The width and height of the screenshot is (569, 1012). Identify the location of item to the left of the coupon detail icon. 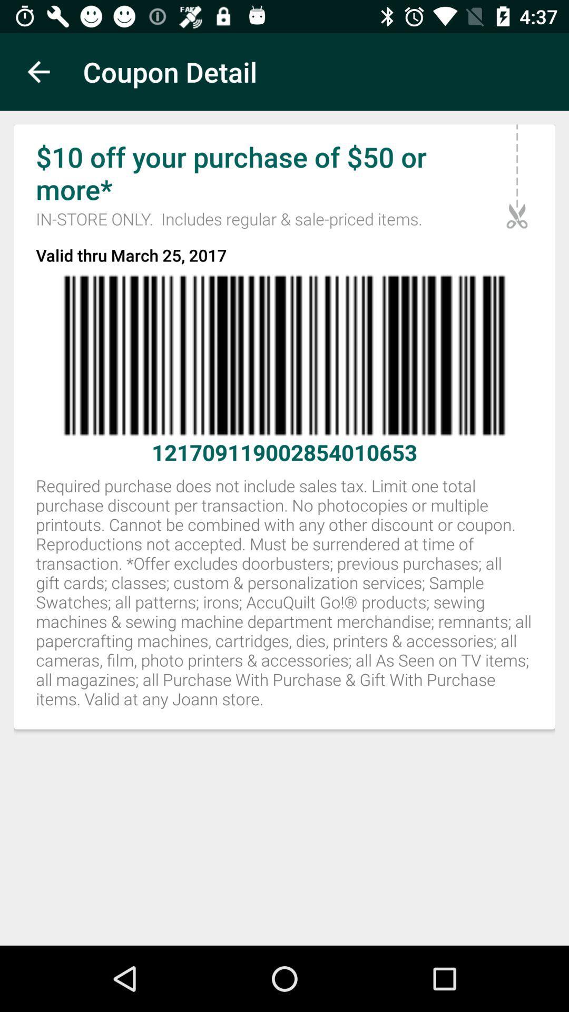
(38, 71).